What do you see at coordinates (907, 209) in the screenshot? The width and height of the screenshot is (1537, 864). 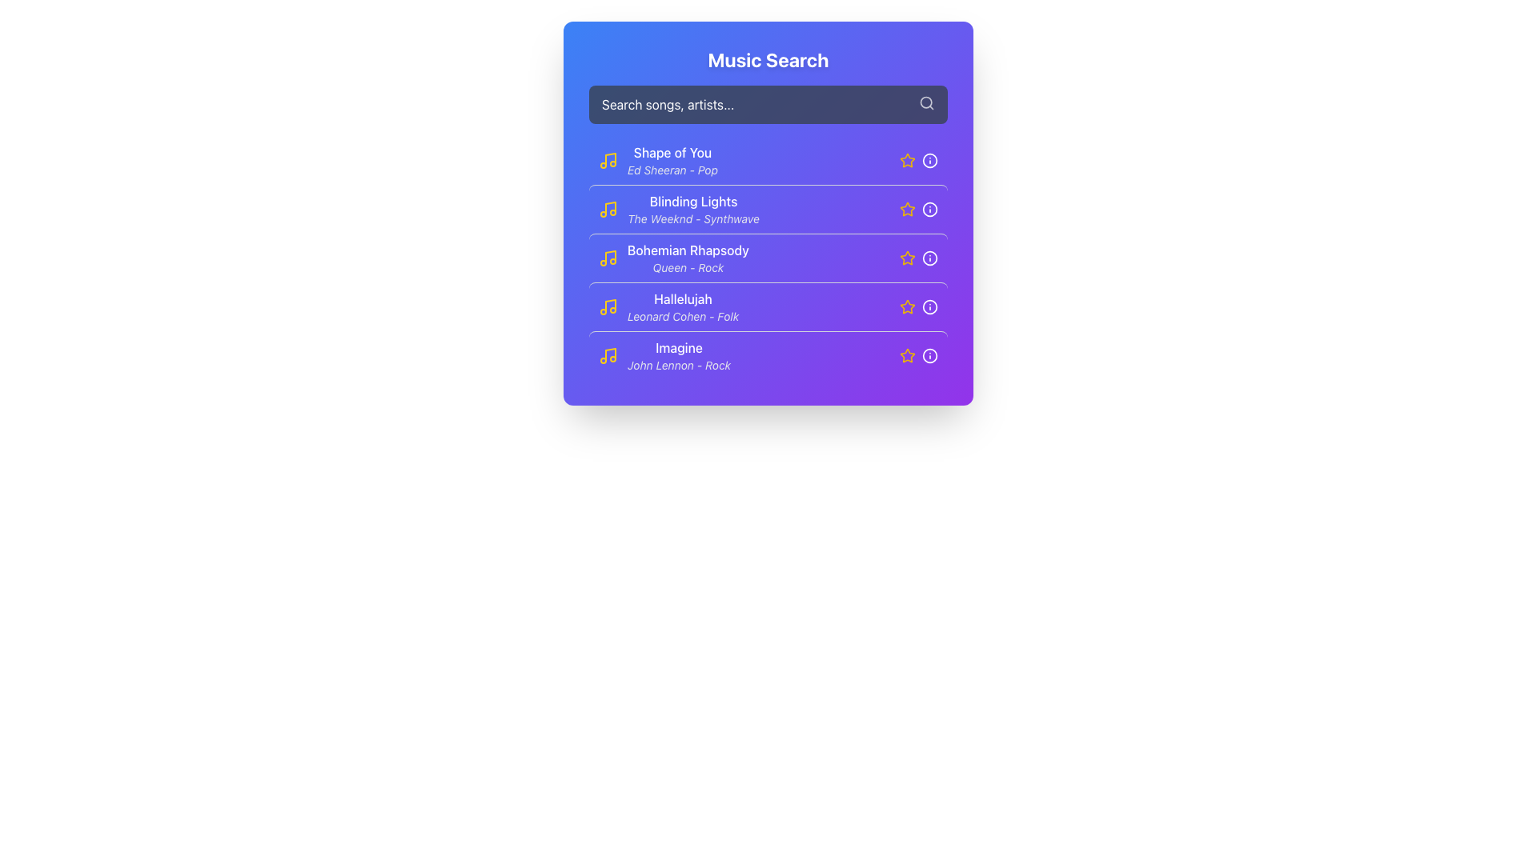 I see `the yellow star icon, which is a hollow icon with a thin border, located to the right of the song titled 'Blinding Lights'` at bounding box center [907, 209].